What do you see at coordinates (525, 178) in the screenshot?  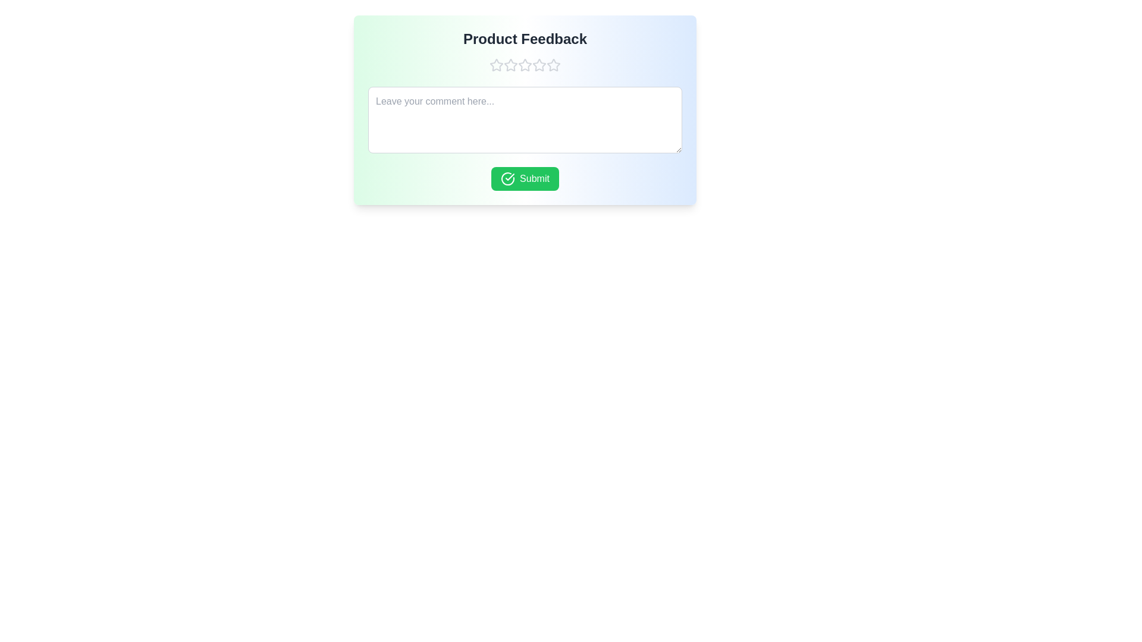 I see `the submit button to send feedback` at bounding box center [525, 178].